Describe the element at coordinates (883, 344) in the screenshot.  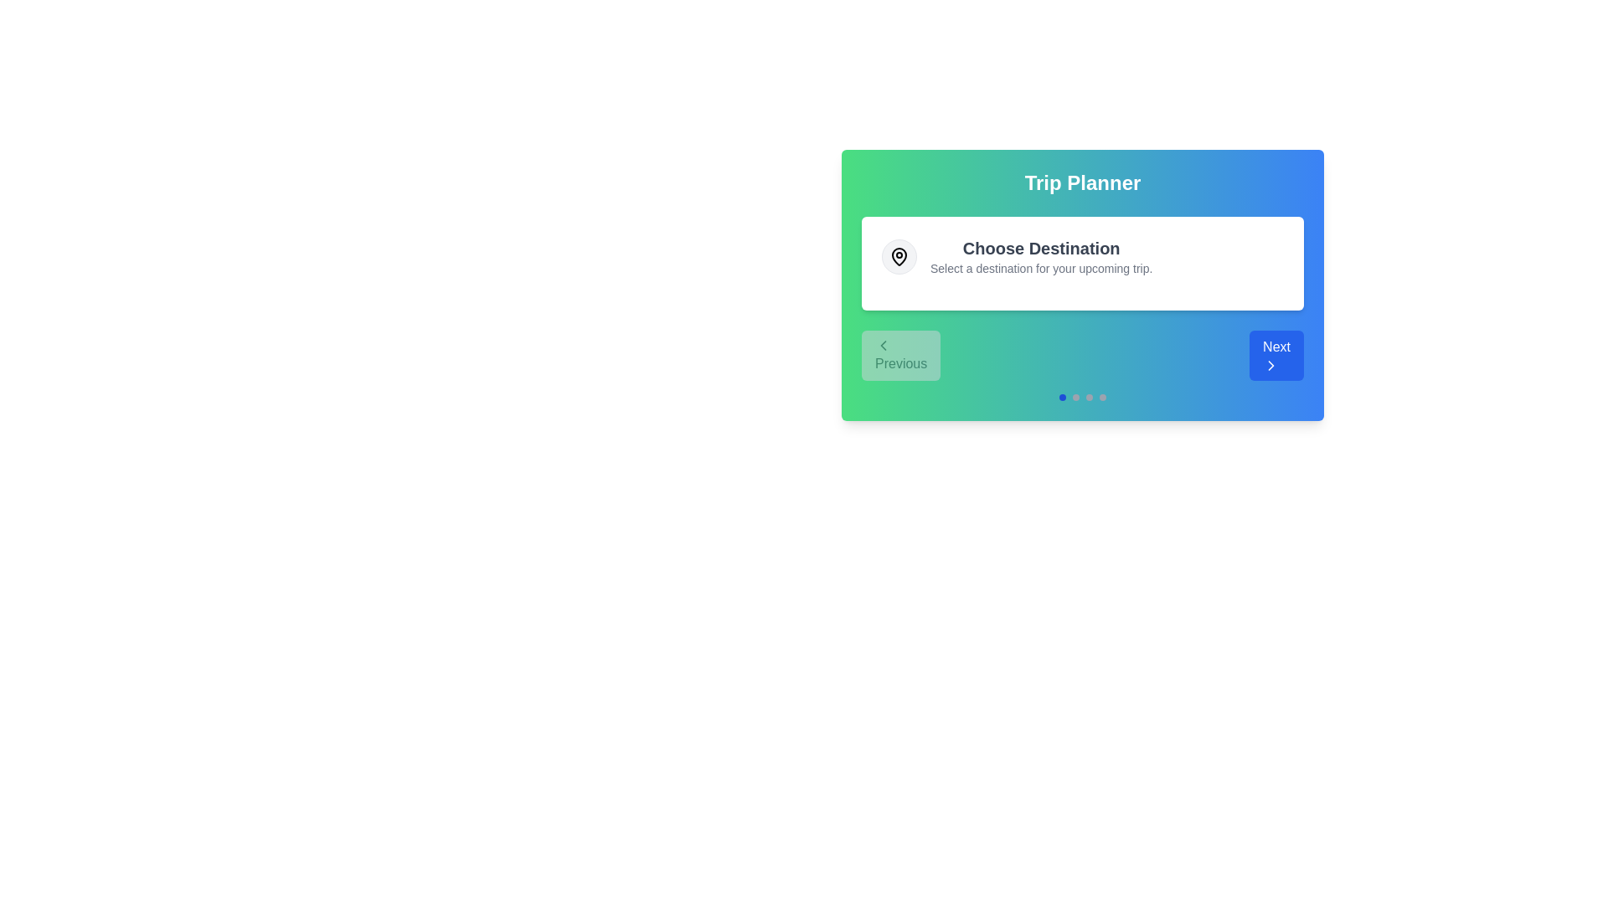
I see `the 'Previous' button which is located in the lower-left corner of the main interface panel, containing the SVG indicator for navigation` at that location.